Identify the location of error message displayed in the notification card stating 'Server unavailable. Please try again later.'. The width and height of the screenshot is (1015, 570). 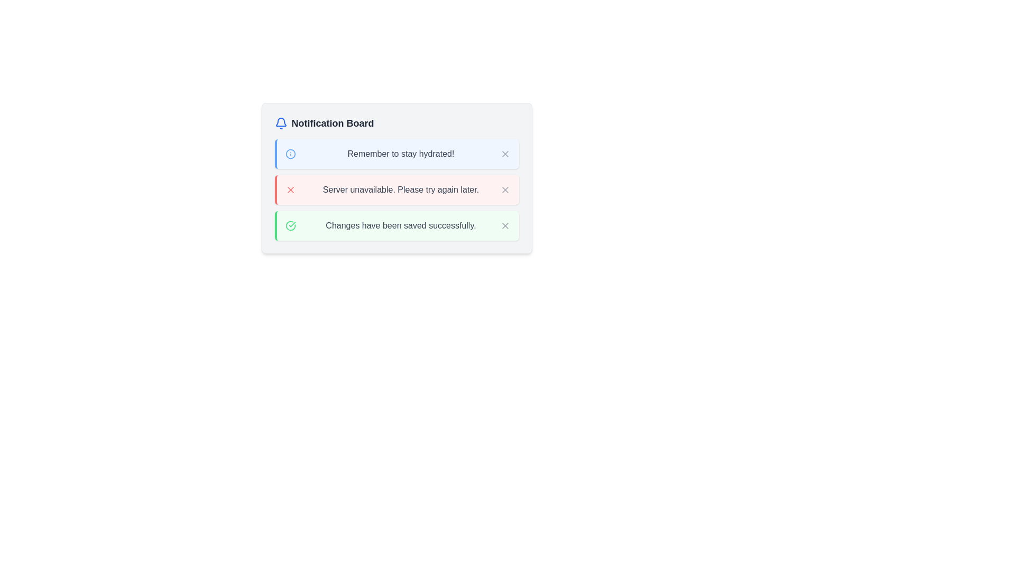
(396, 189).